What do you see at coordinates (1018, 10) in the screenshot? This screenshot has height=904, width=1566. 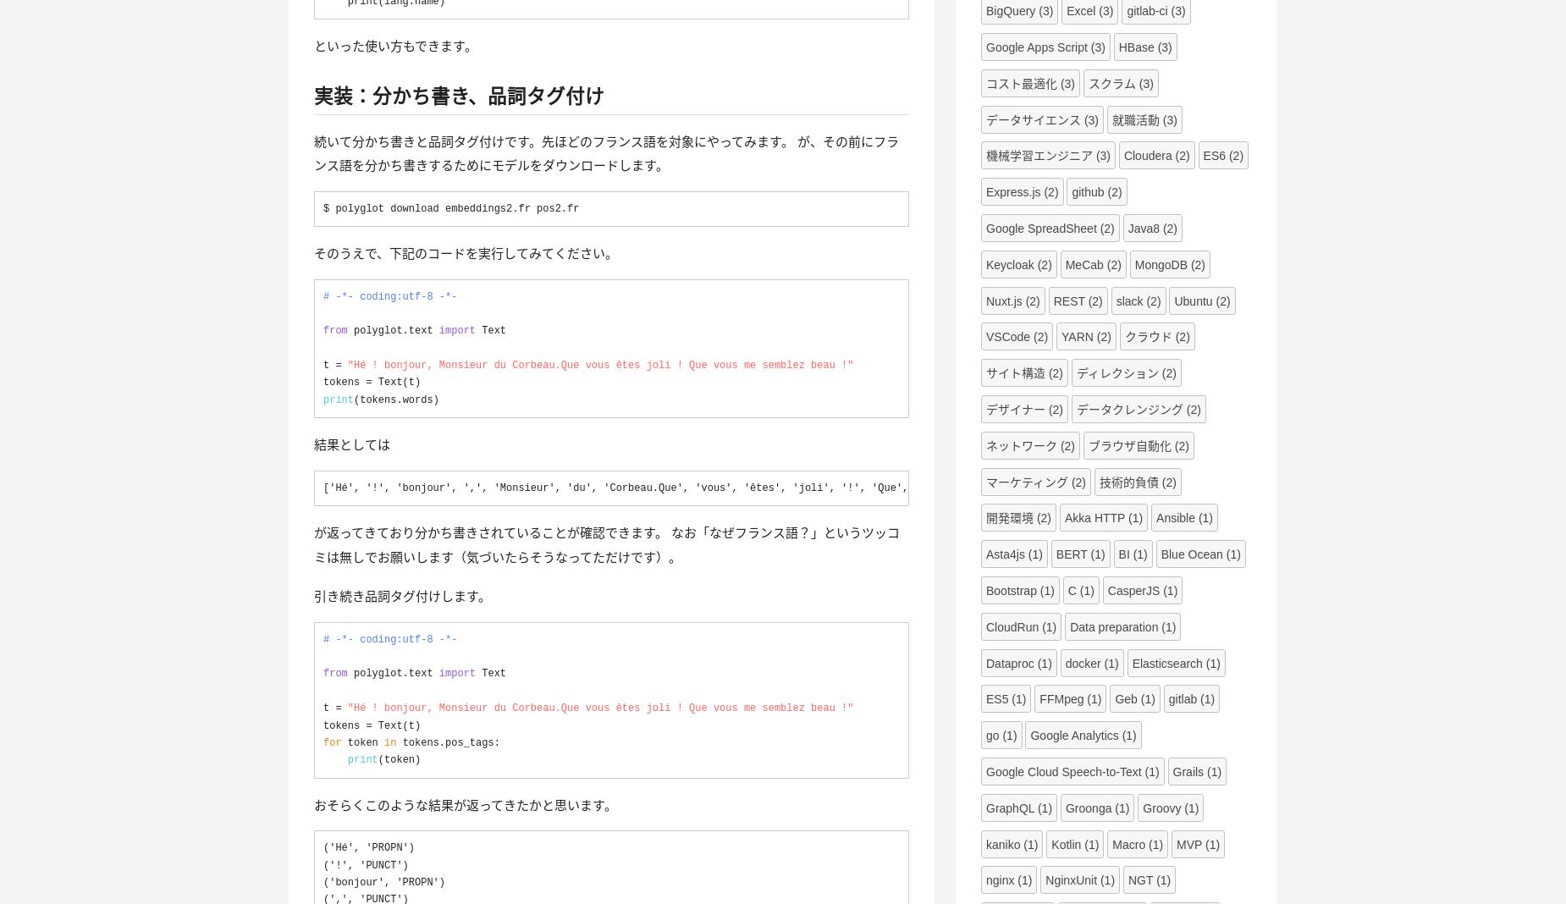 I see `'BigQuery (3)'` at bounding box center [1018, 10].